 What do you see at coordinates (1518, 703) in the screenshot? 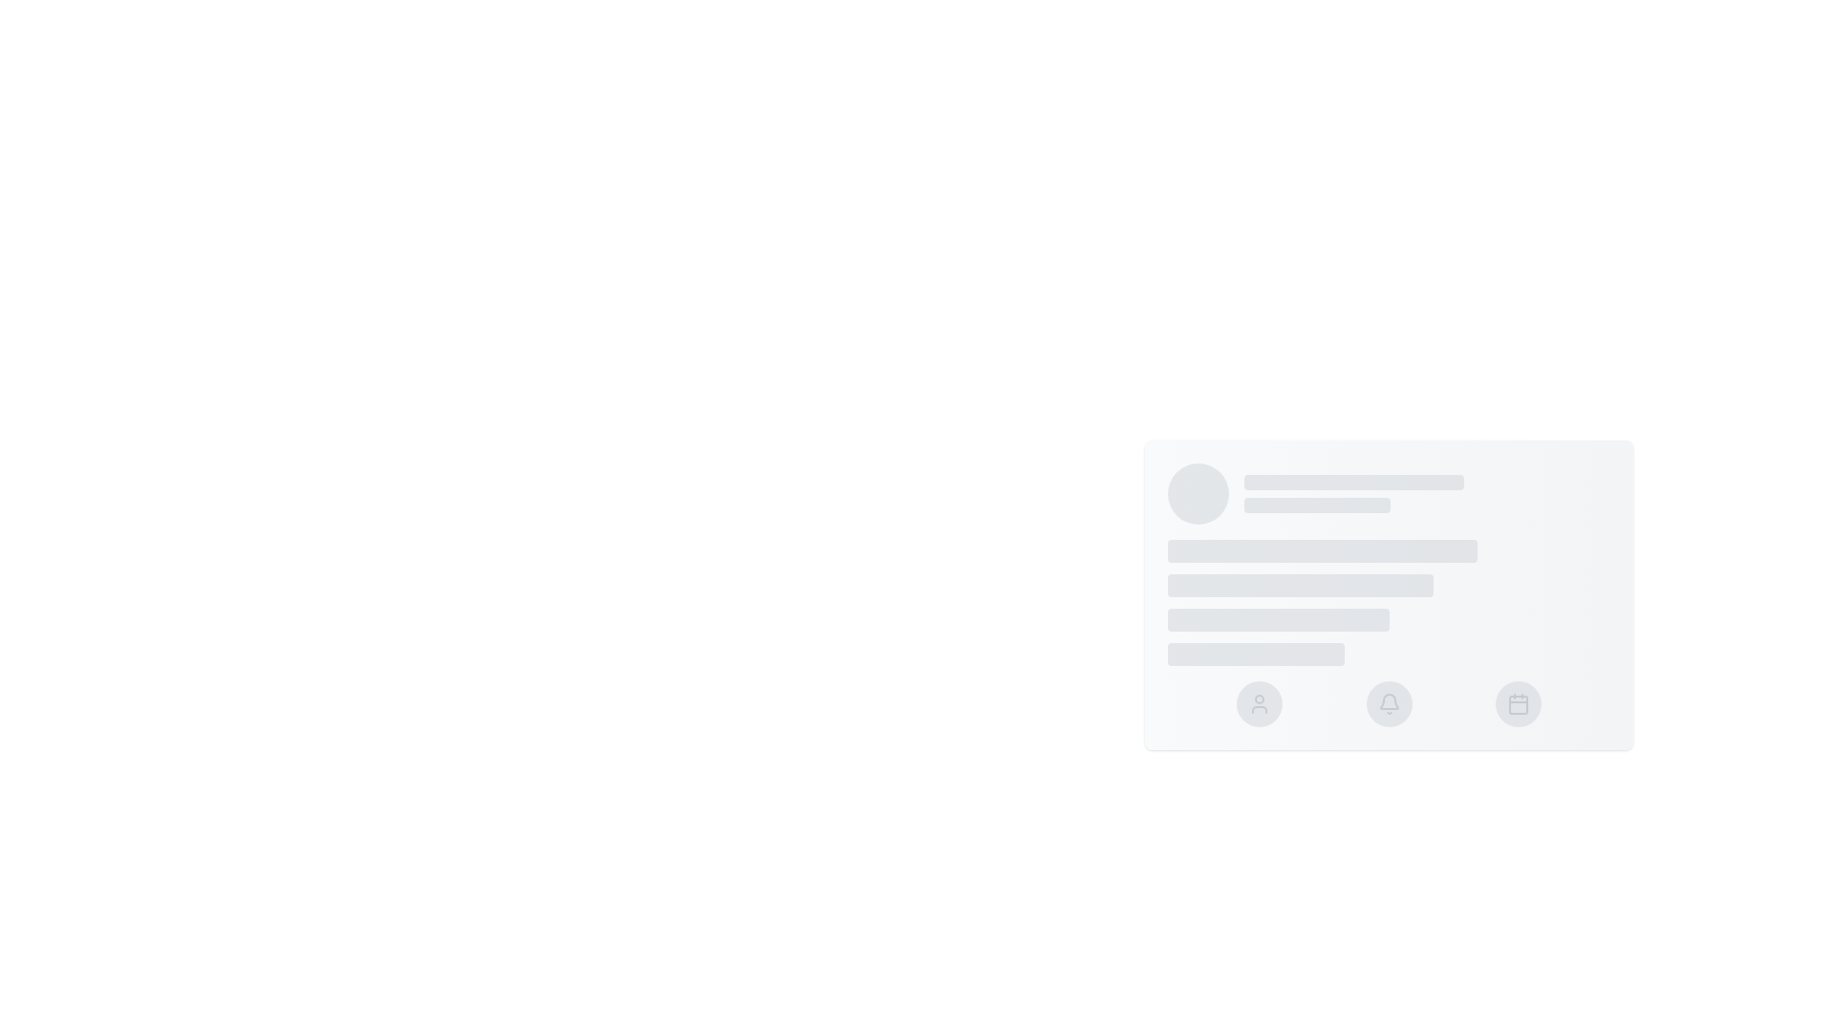
I see `the calendar icon button, which is the rightmost icon among three at the bottom of the card interface` at bounding box center [1518, 703].